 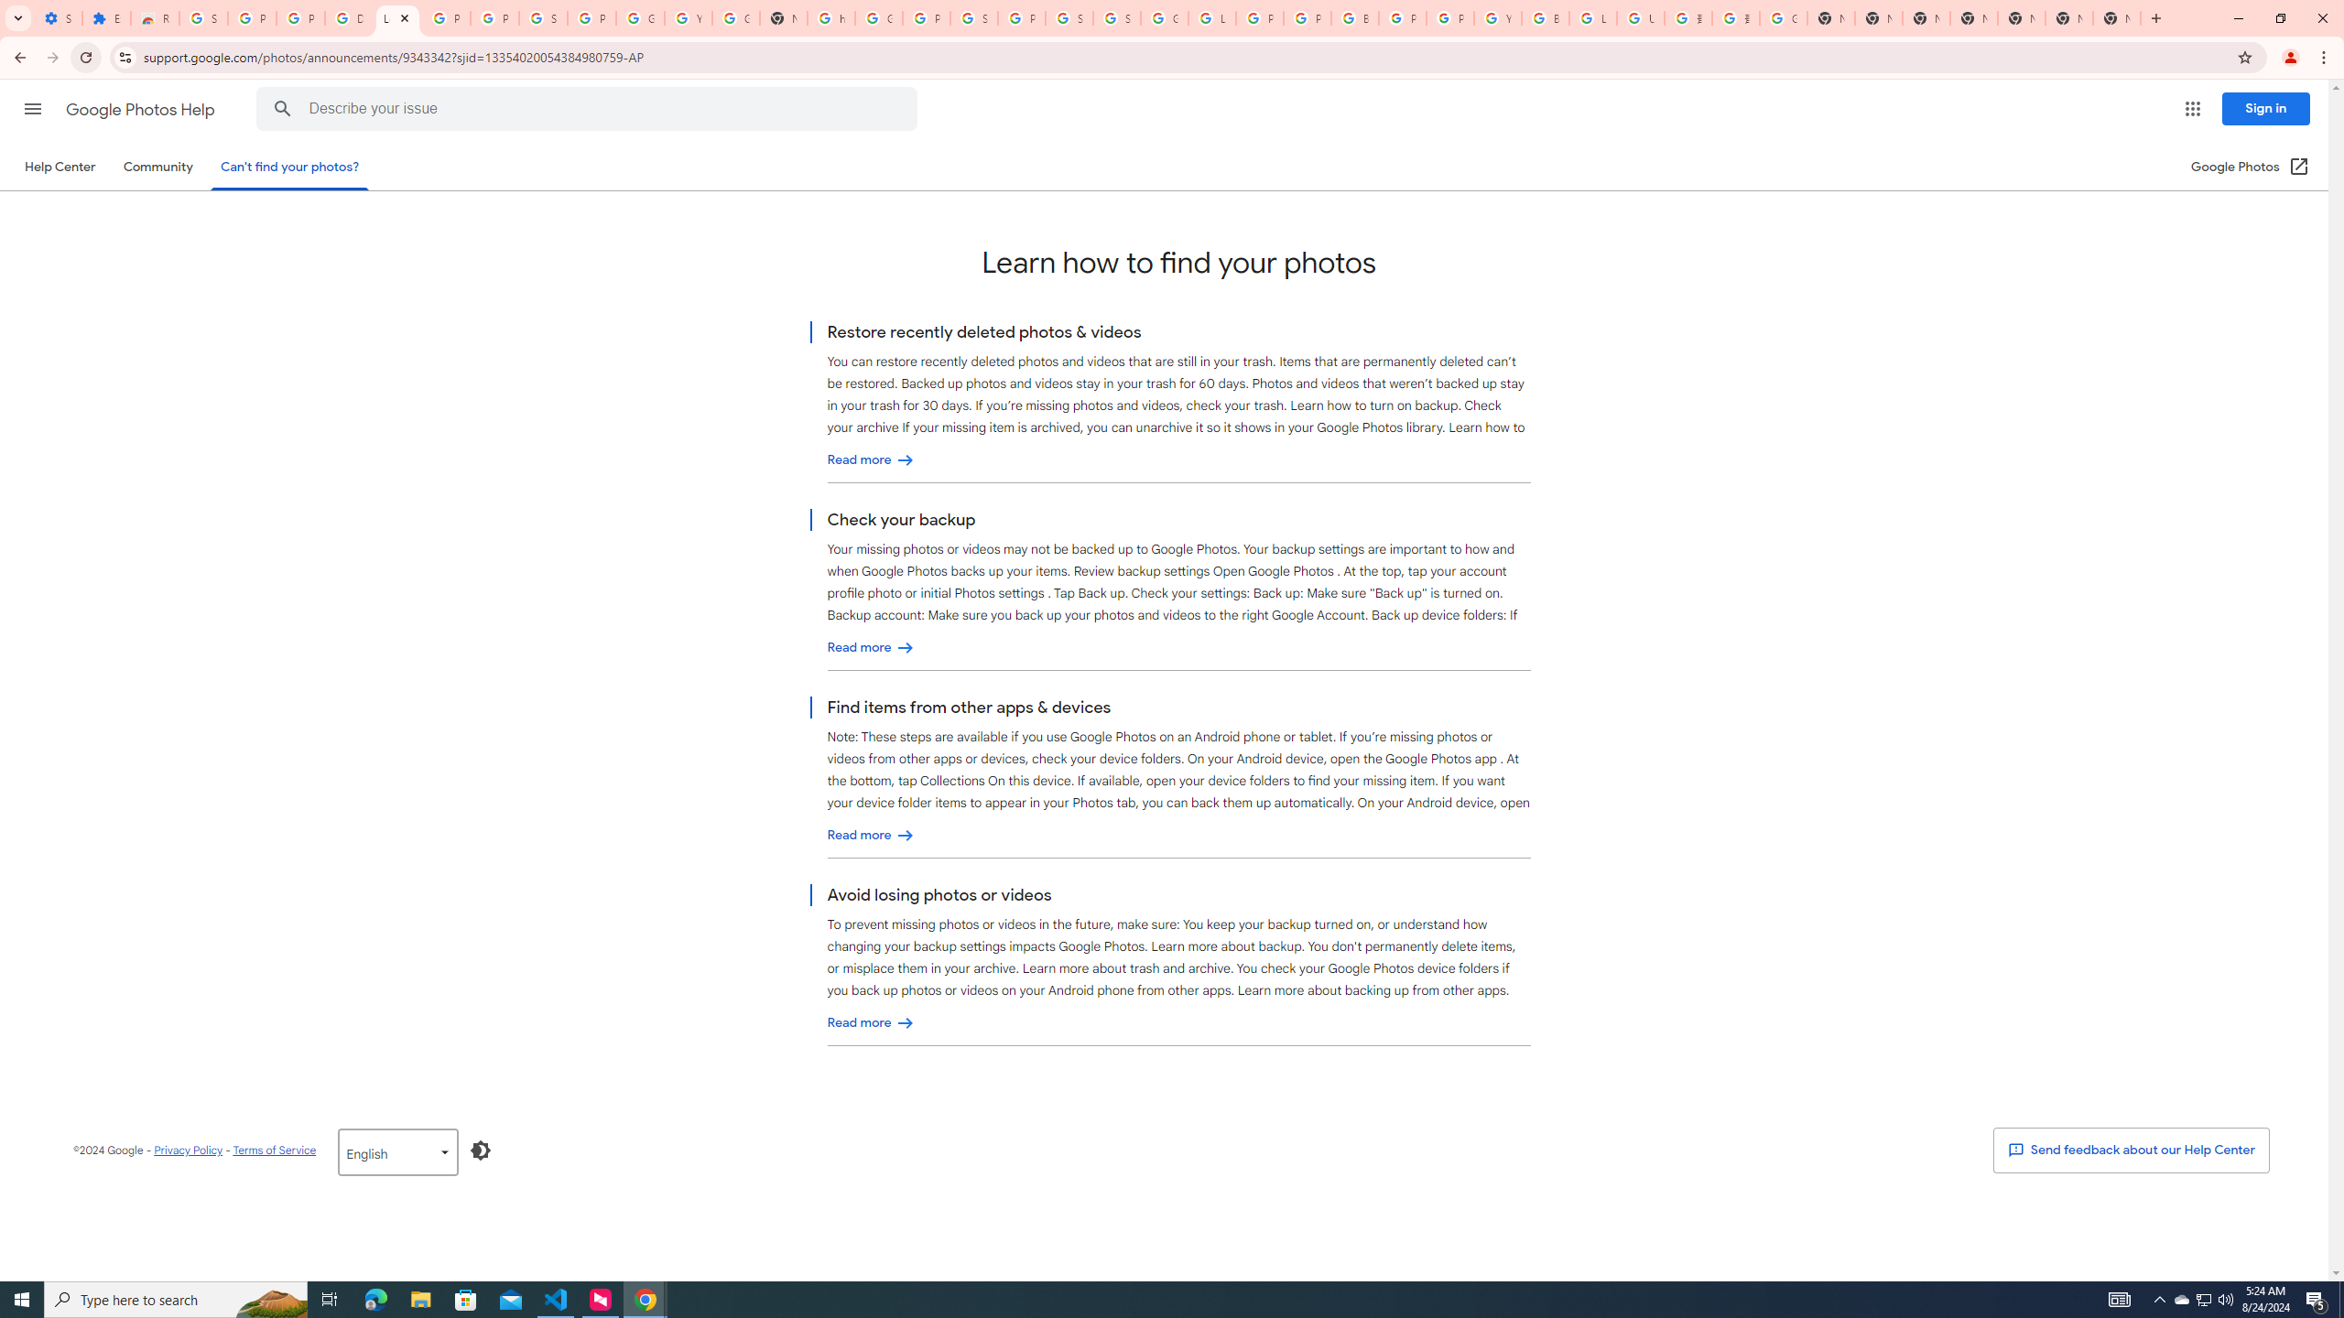 I want to click on 'Enable Dark Mode', so click(x=481, y=1150).